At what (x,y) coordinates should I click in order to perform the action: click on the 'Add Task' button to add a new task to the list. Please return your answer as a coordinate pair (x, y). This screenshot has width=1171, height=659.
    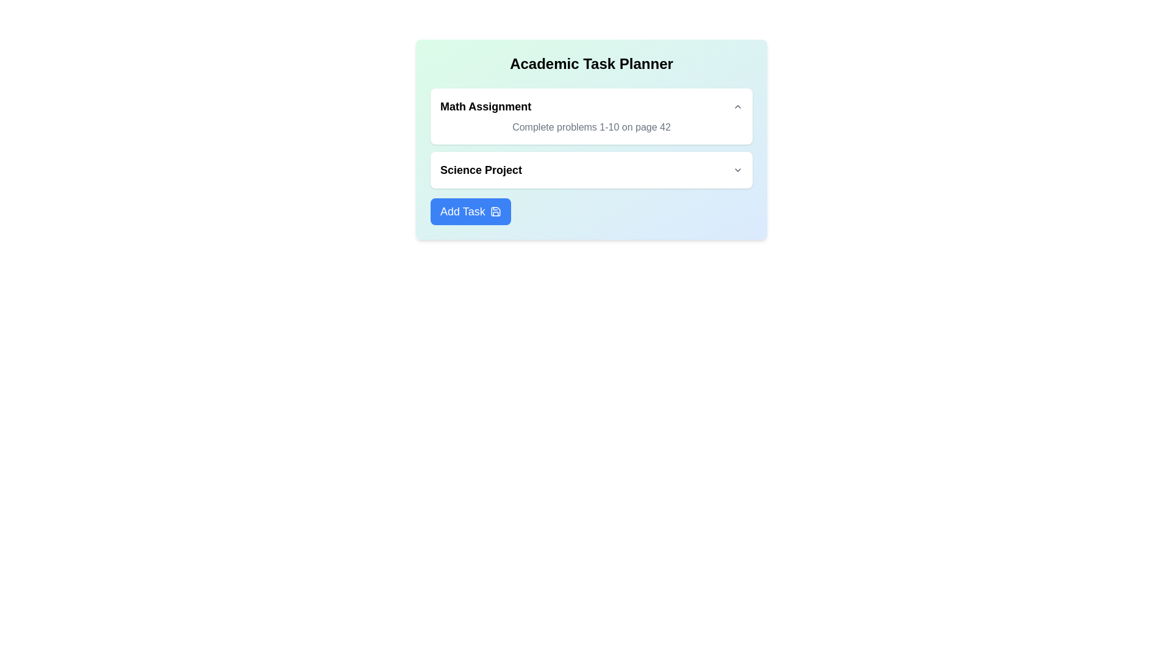
    Looking at the image, I should click on (470, 211).